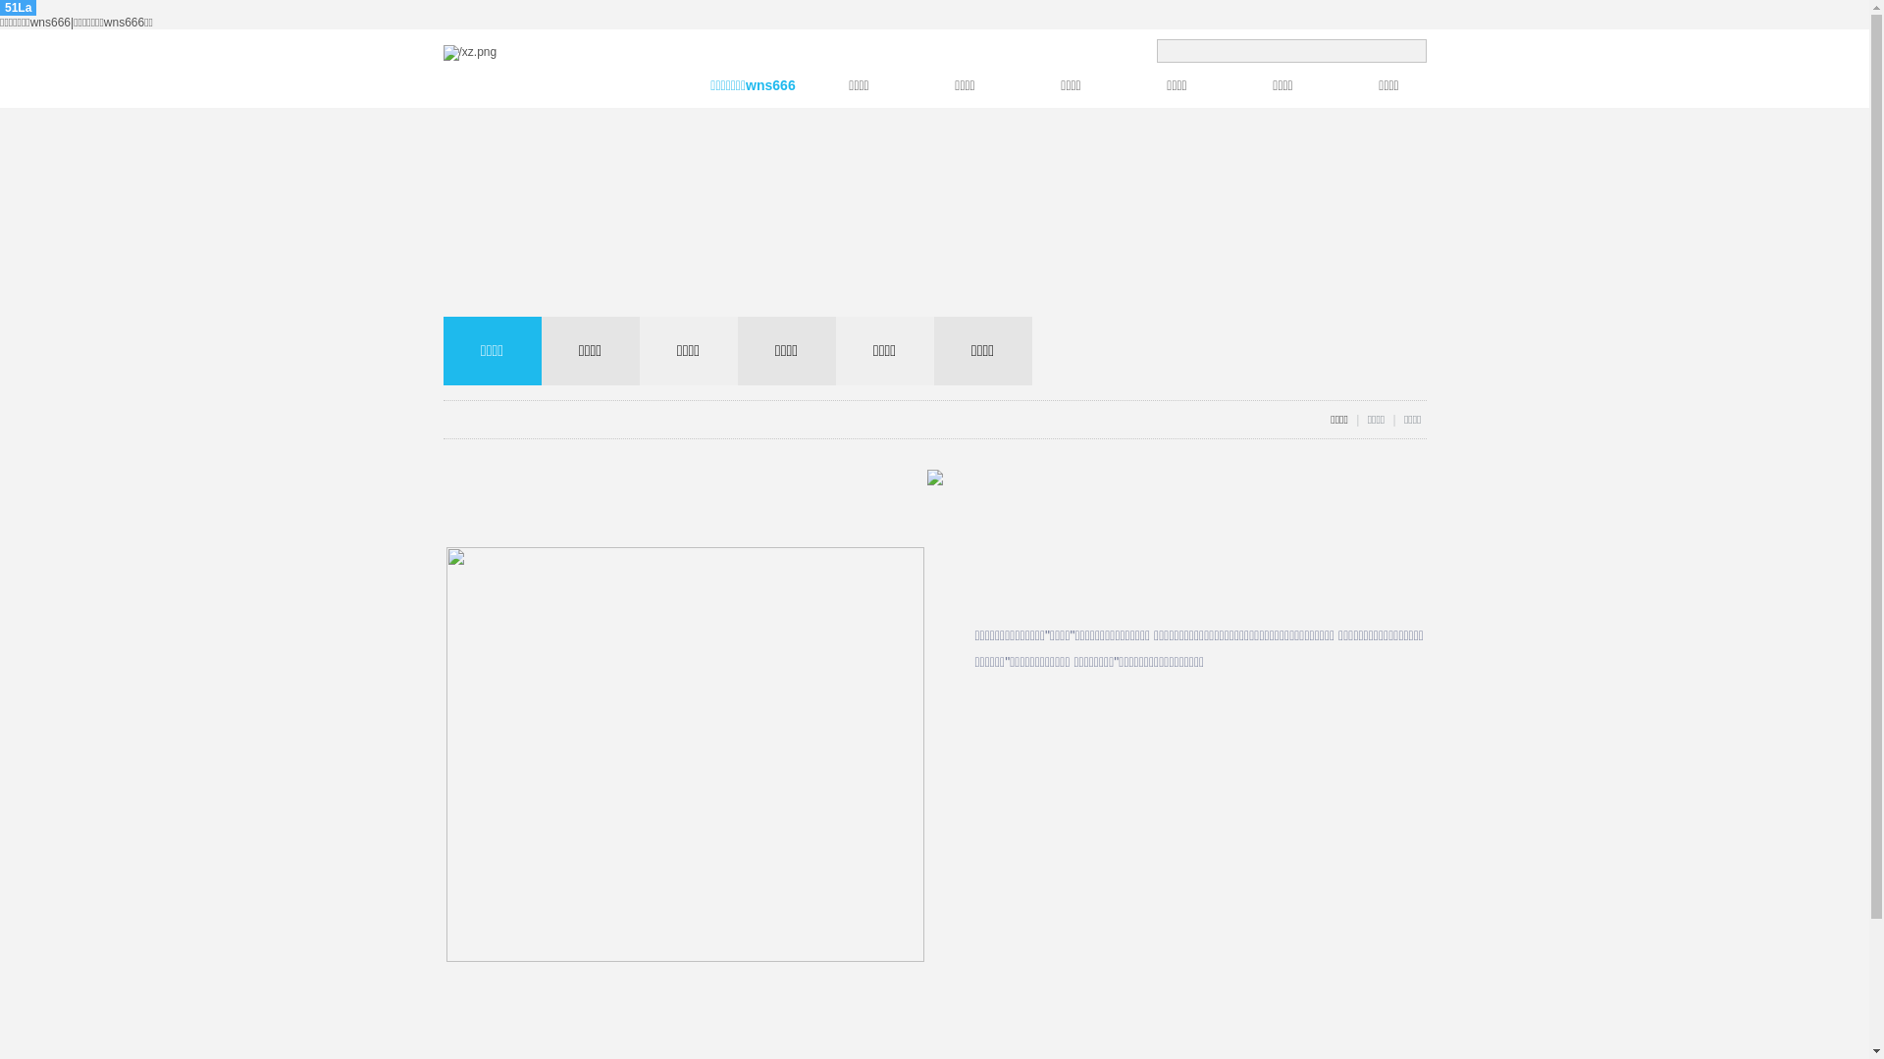 This screenshot has height=1059, width=1884. I want to click on '51La', so click(18, 7).